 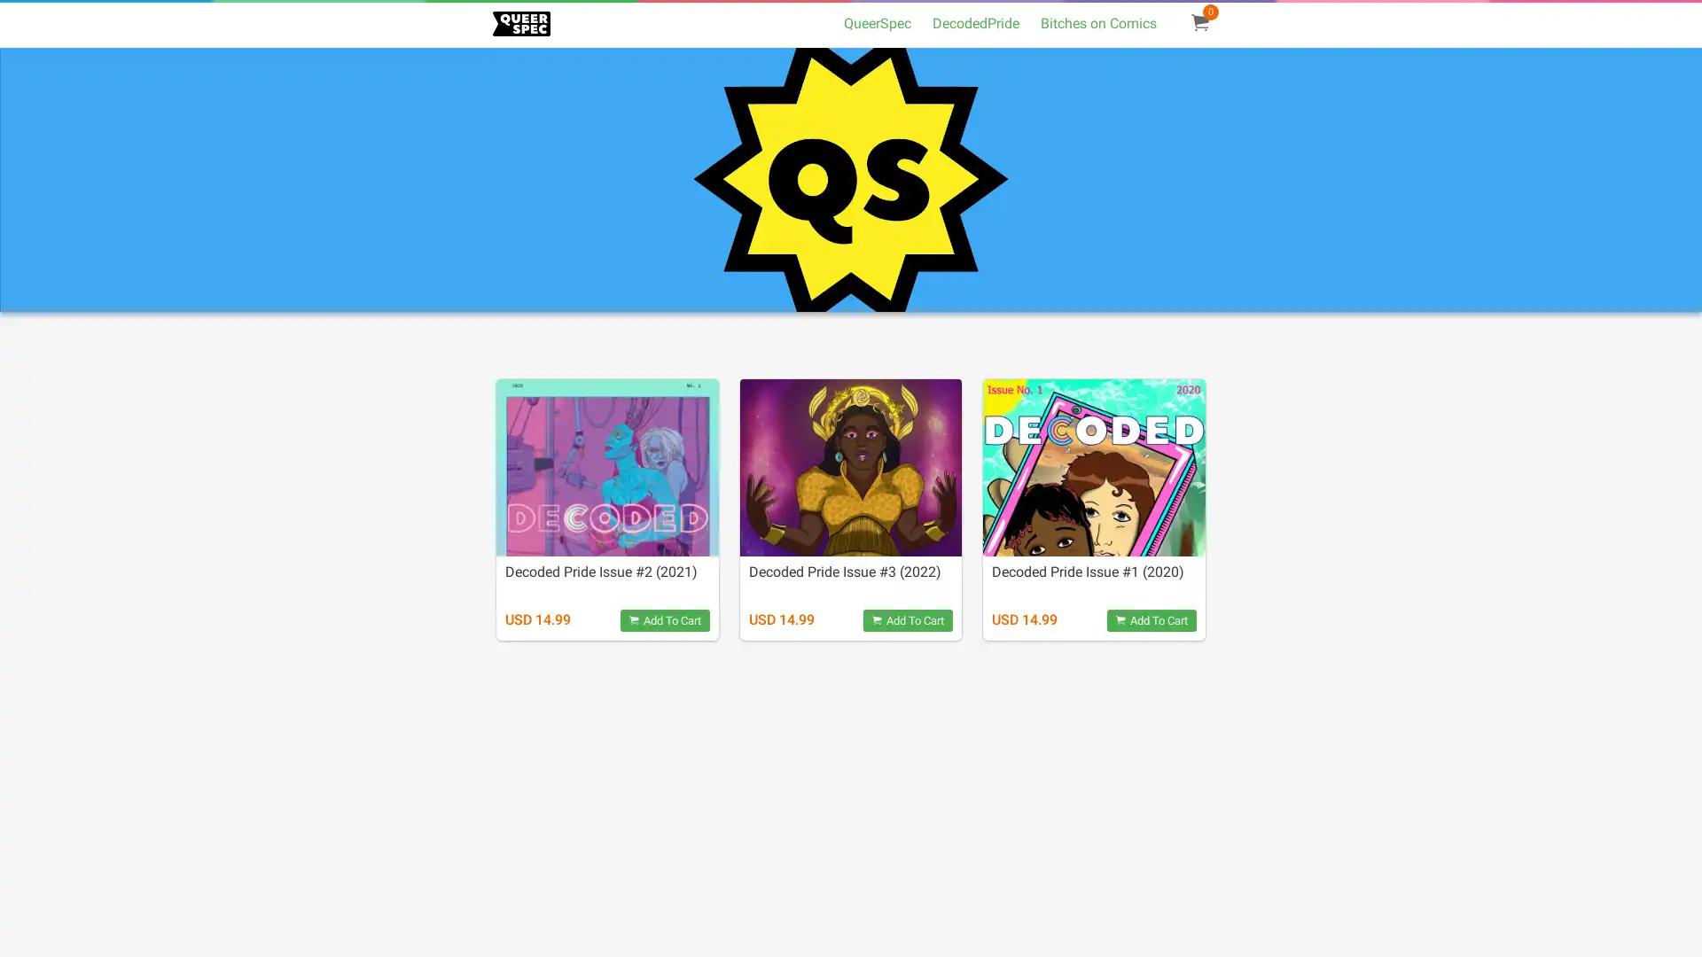 I want to click on Add To Cart, so click(x=663, y=619).